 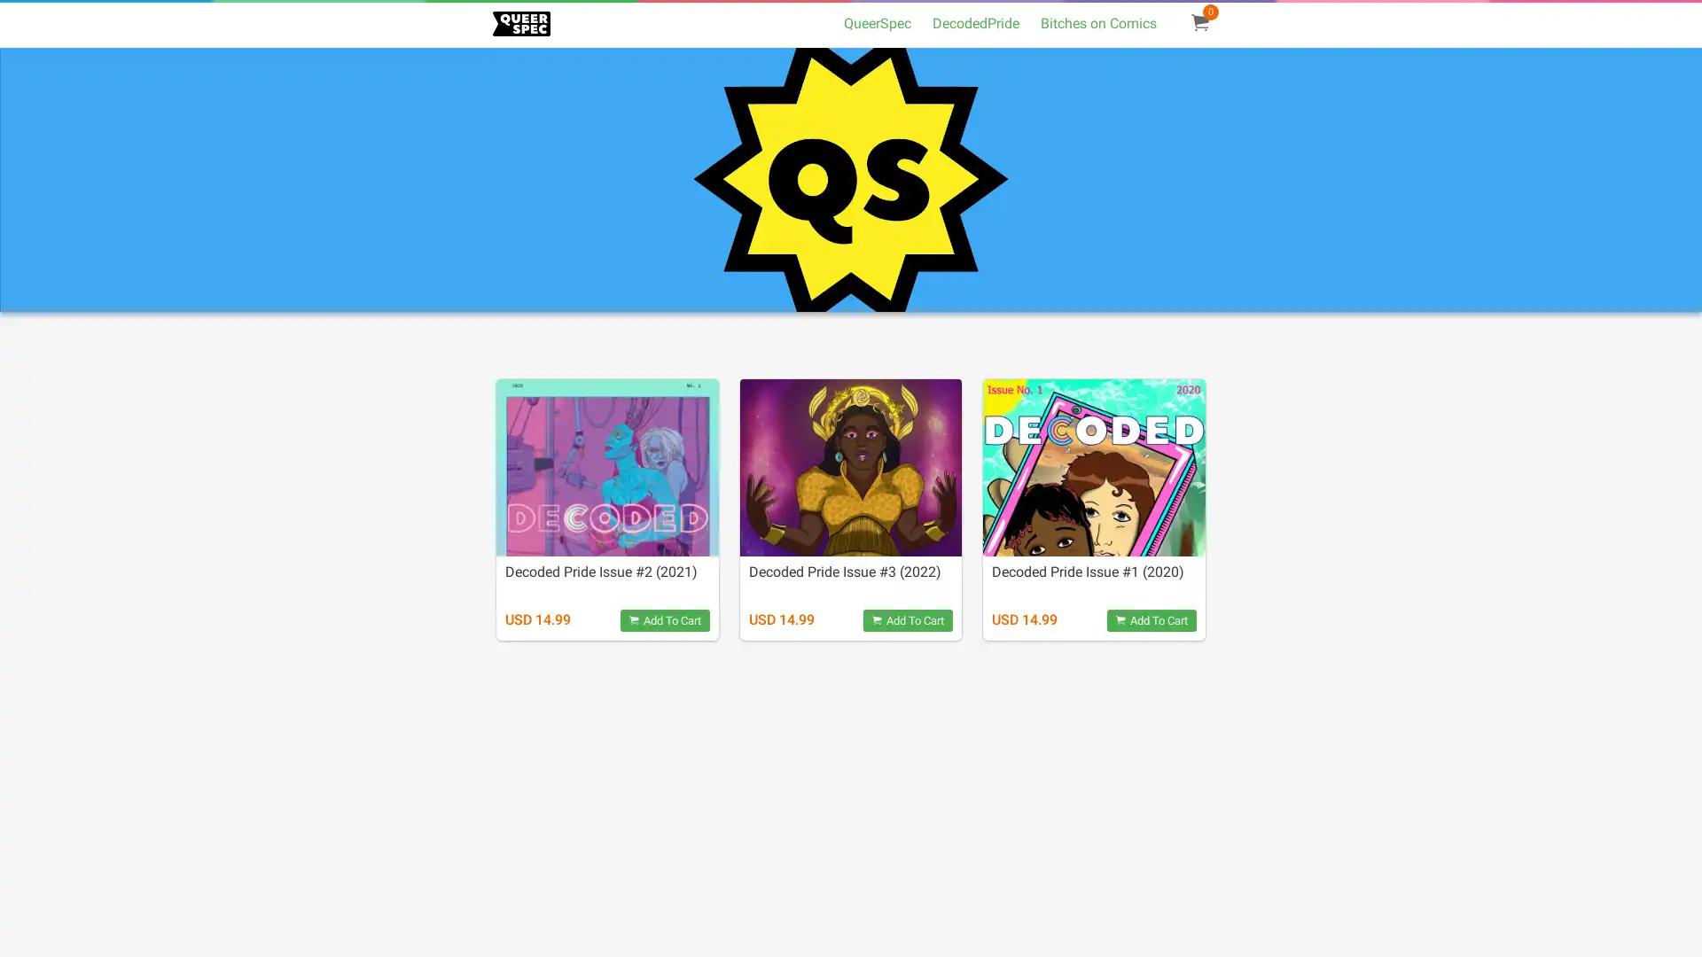 I want to click on Add To Cart, so click(x=663, y=619).